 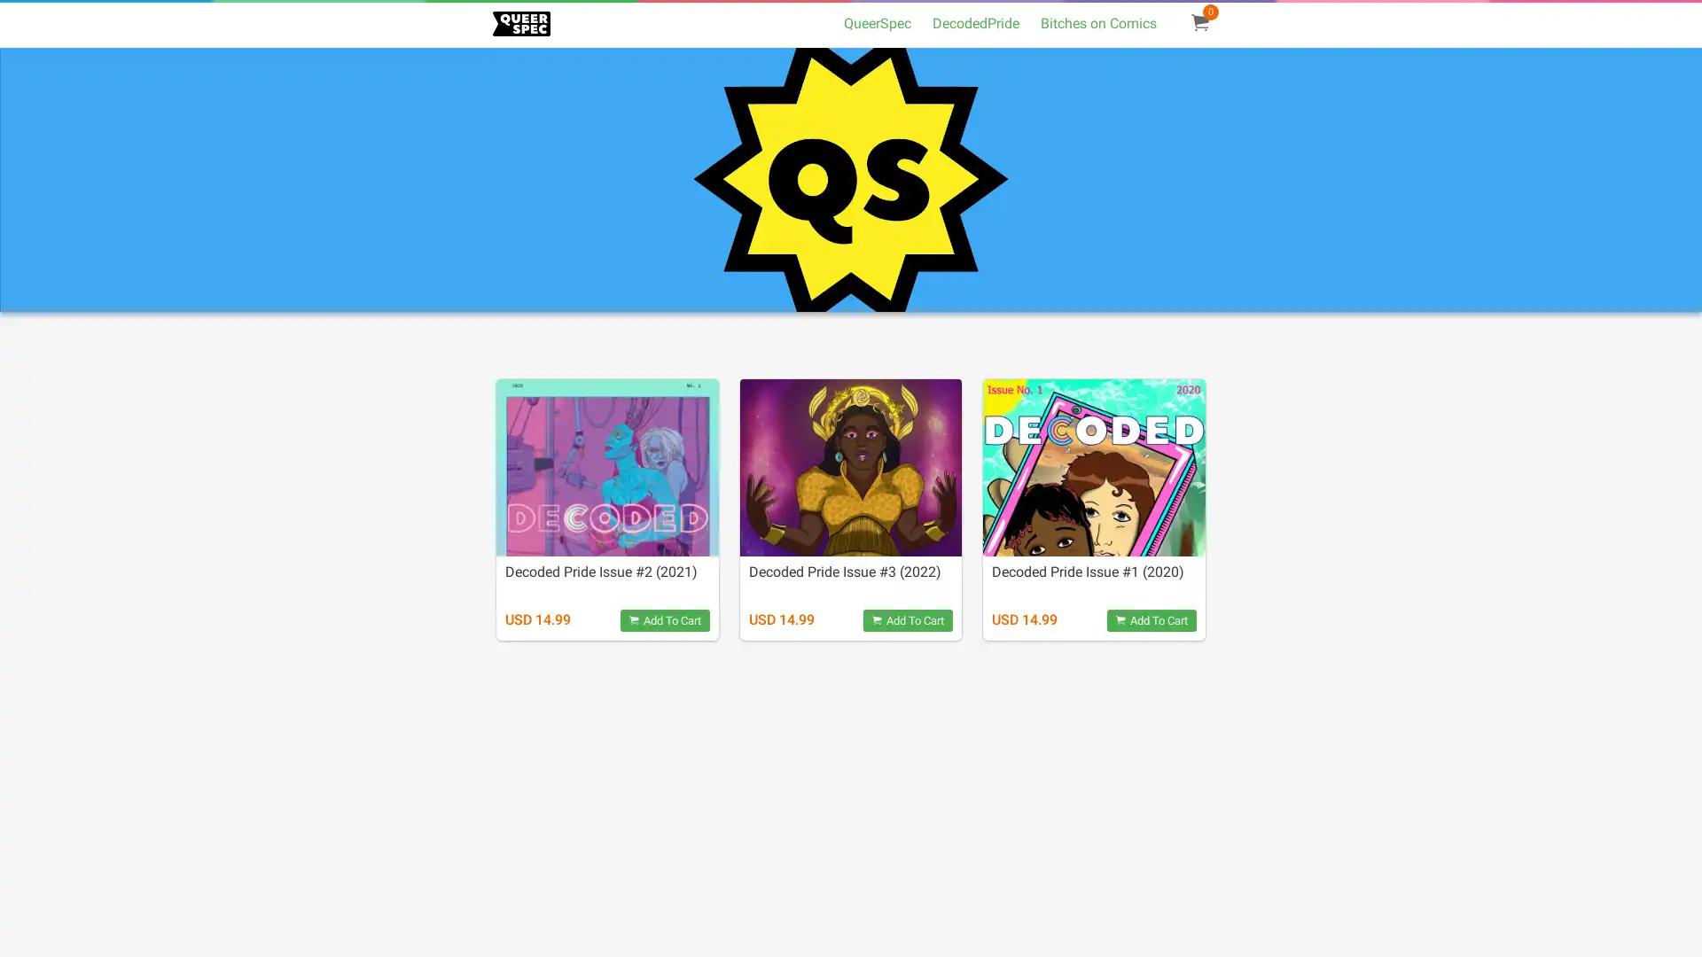 I want to click on Add To Cart, so click(x=663, y=619).